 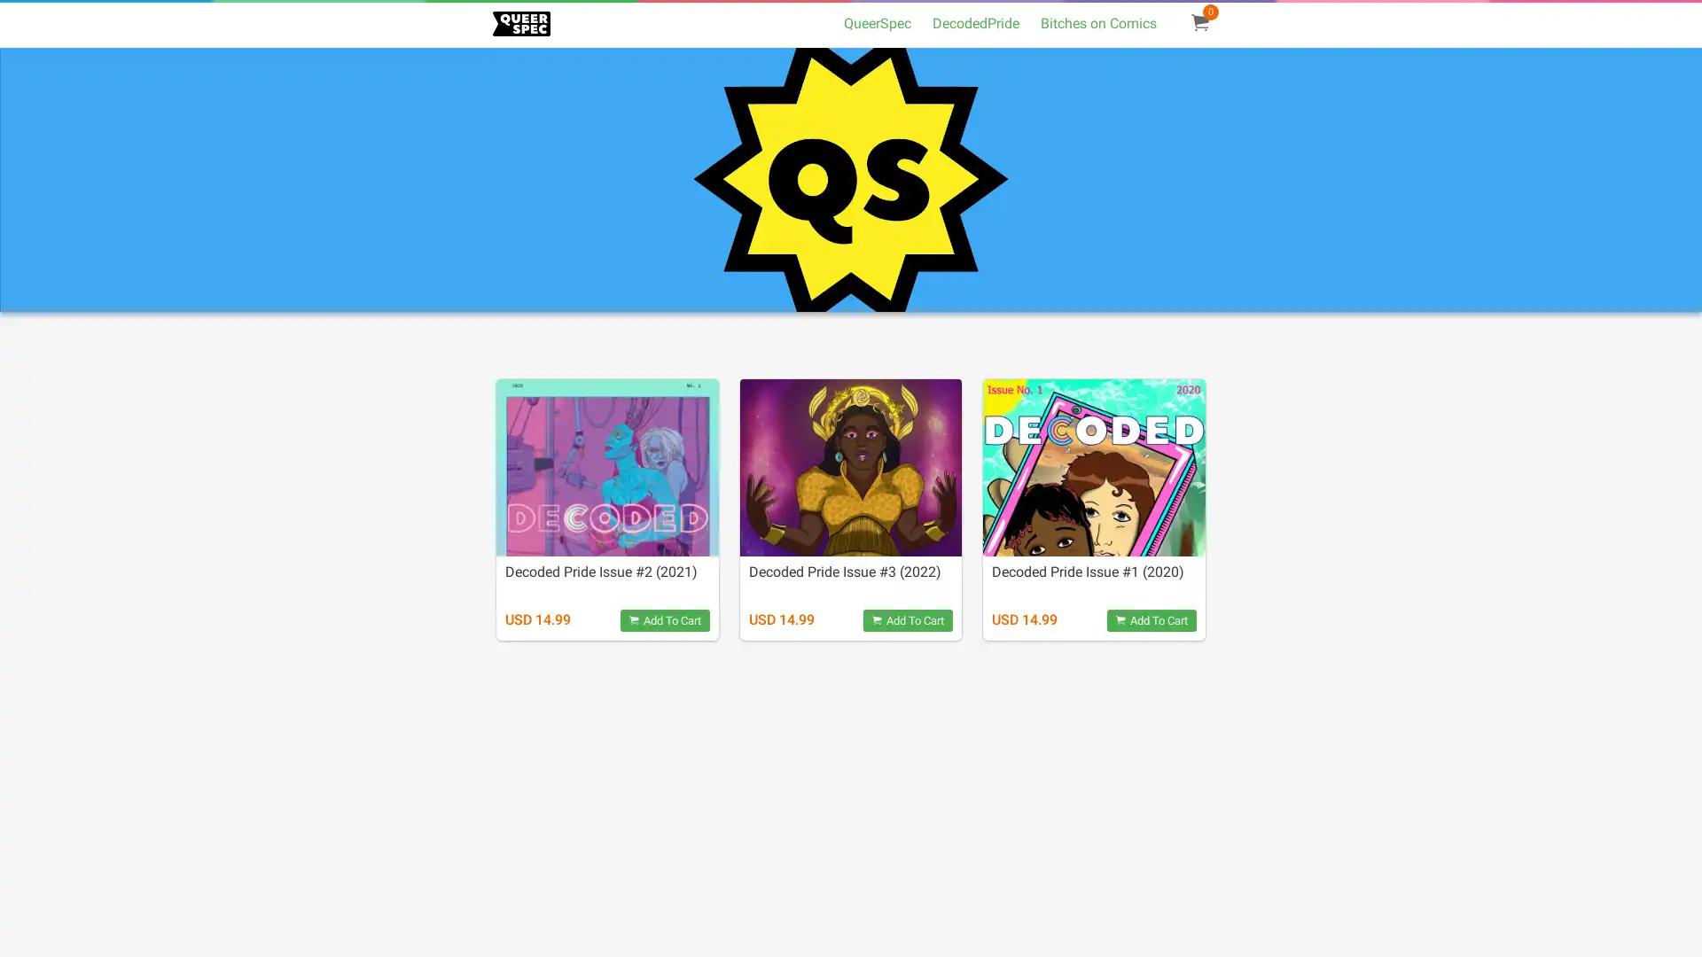 I want to click on Add To Cart, so click(x=663, y=619).